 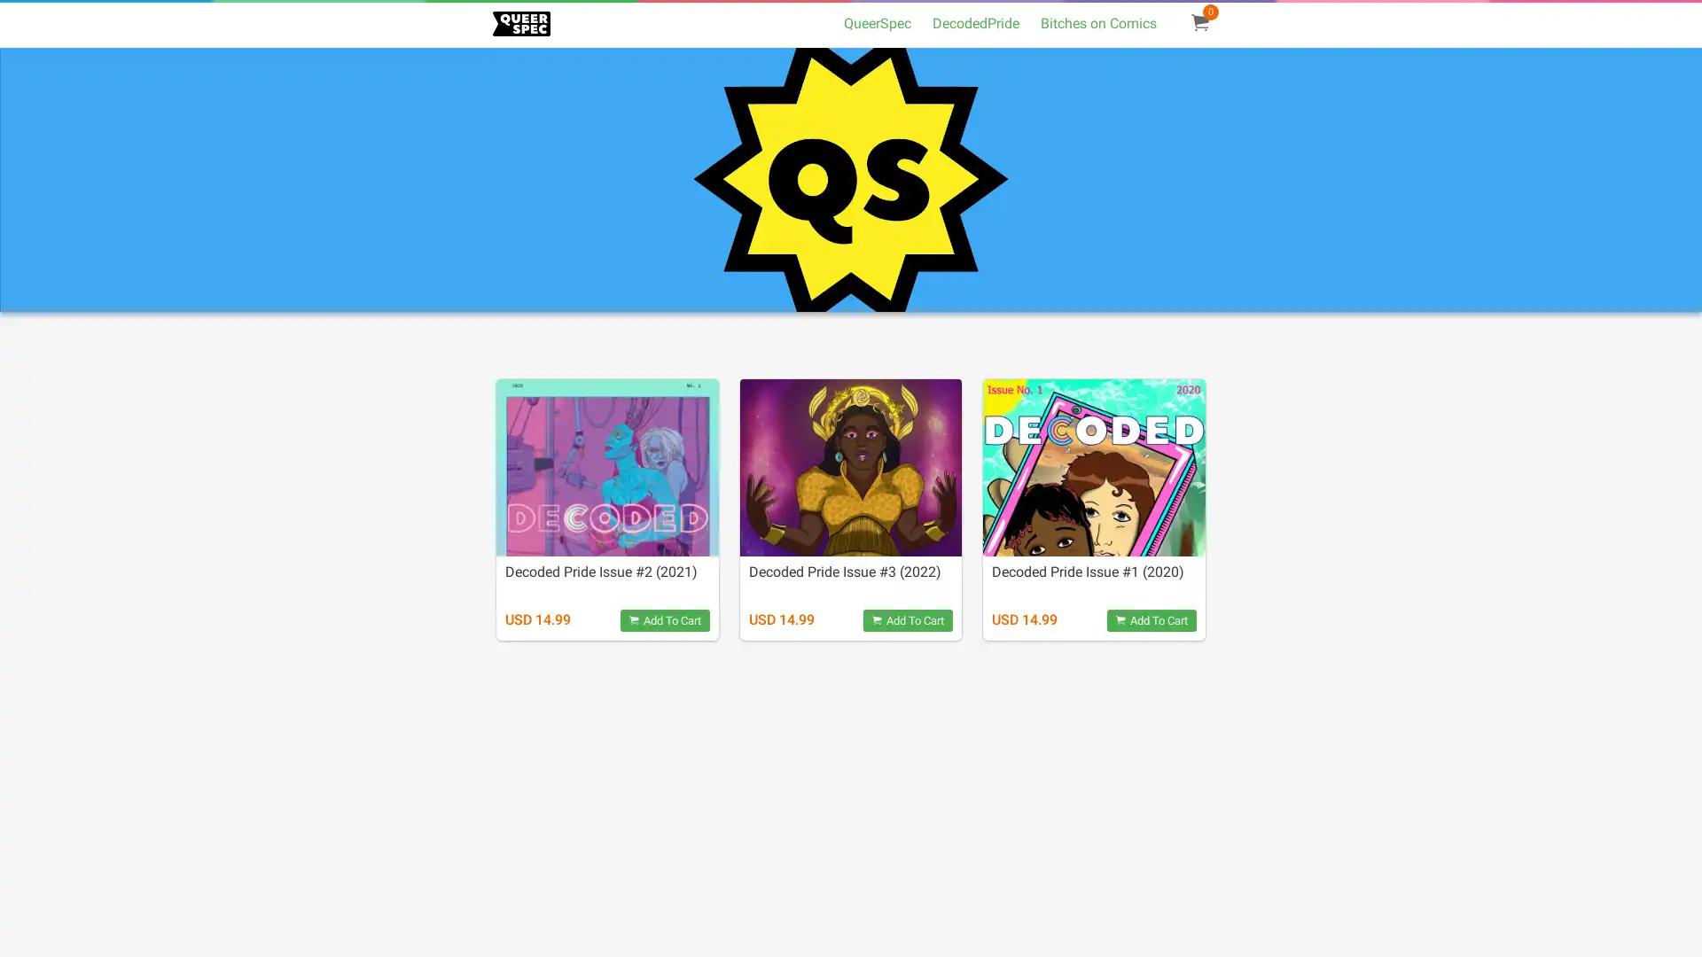 I want to click on Add To Cart, so click(x=663, y=619).